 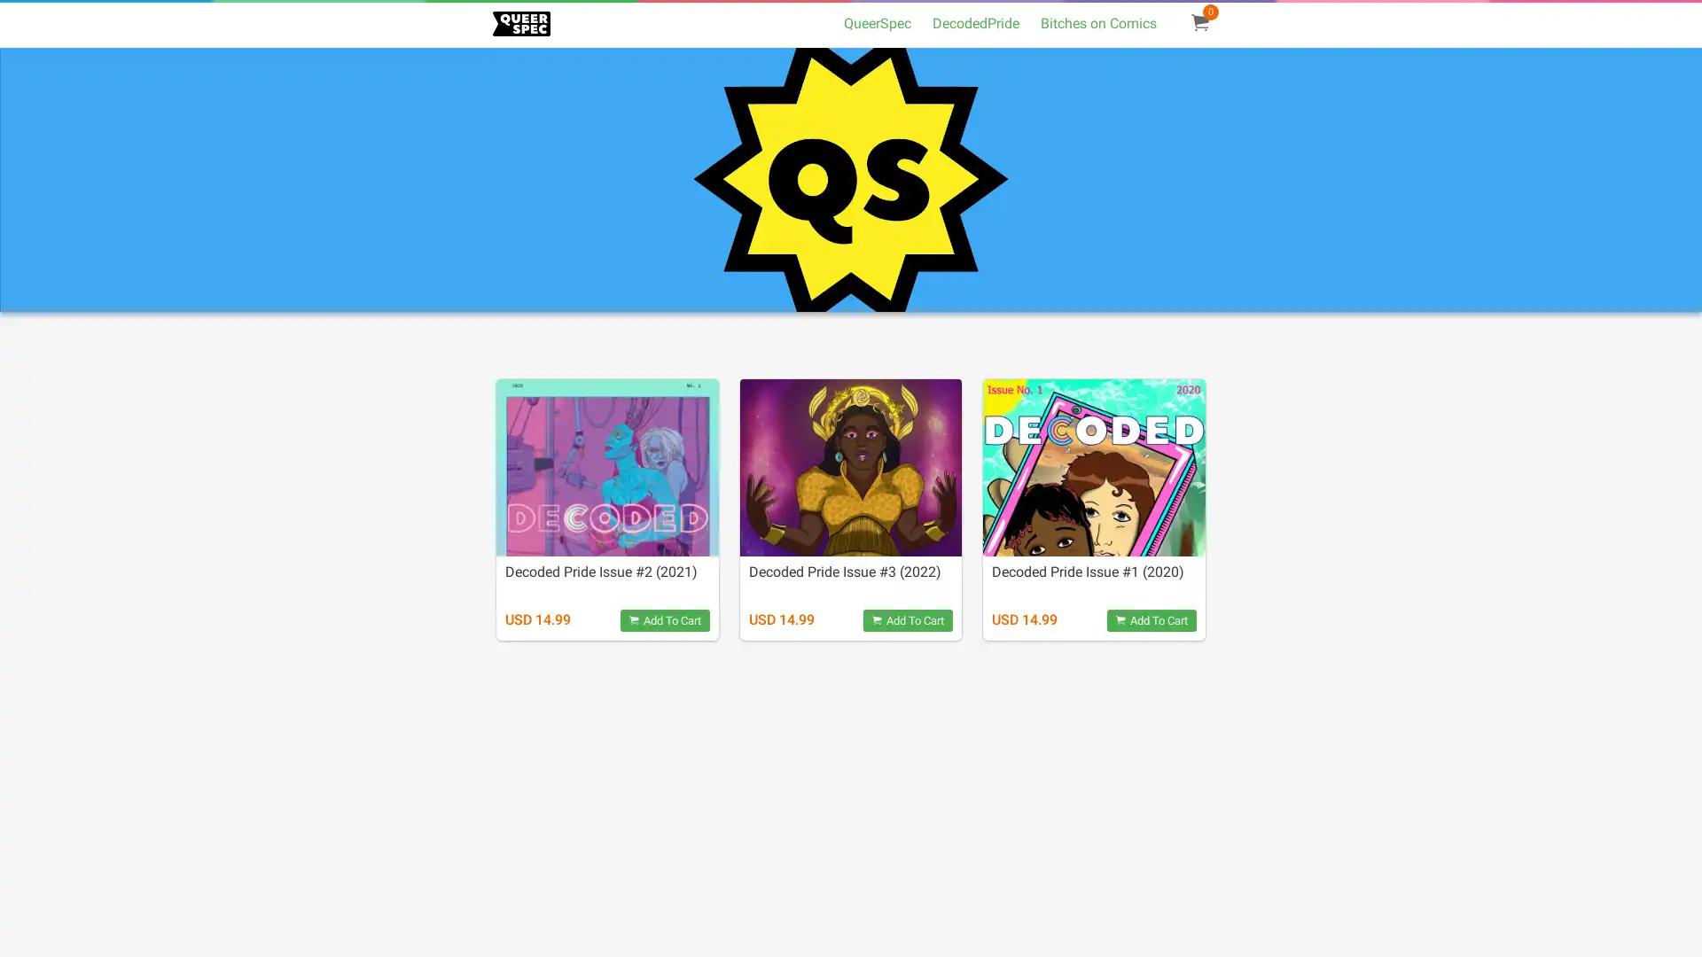 I want to click on Add To Cart, so click(x=663, y=619).